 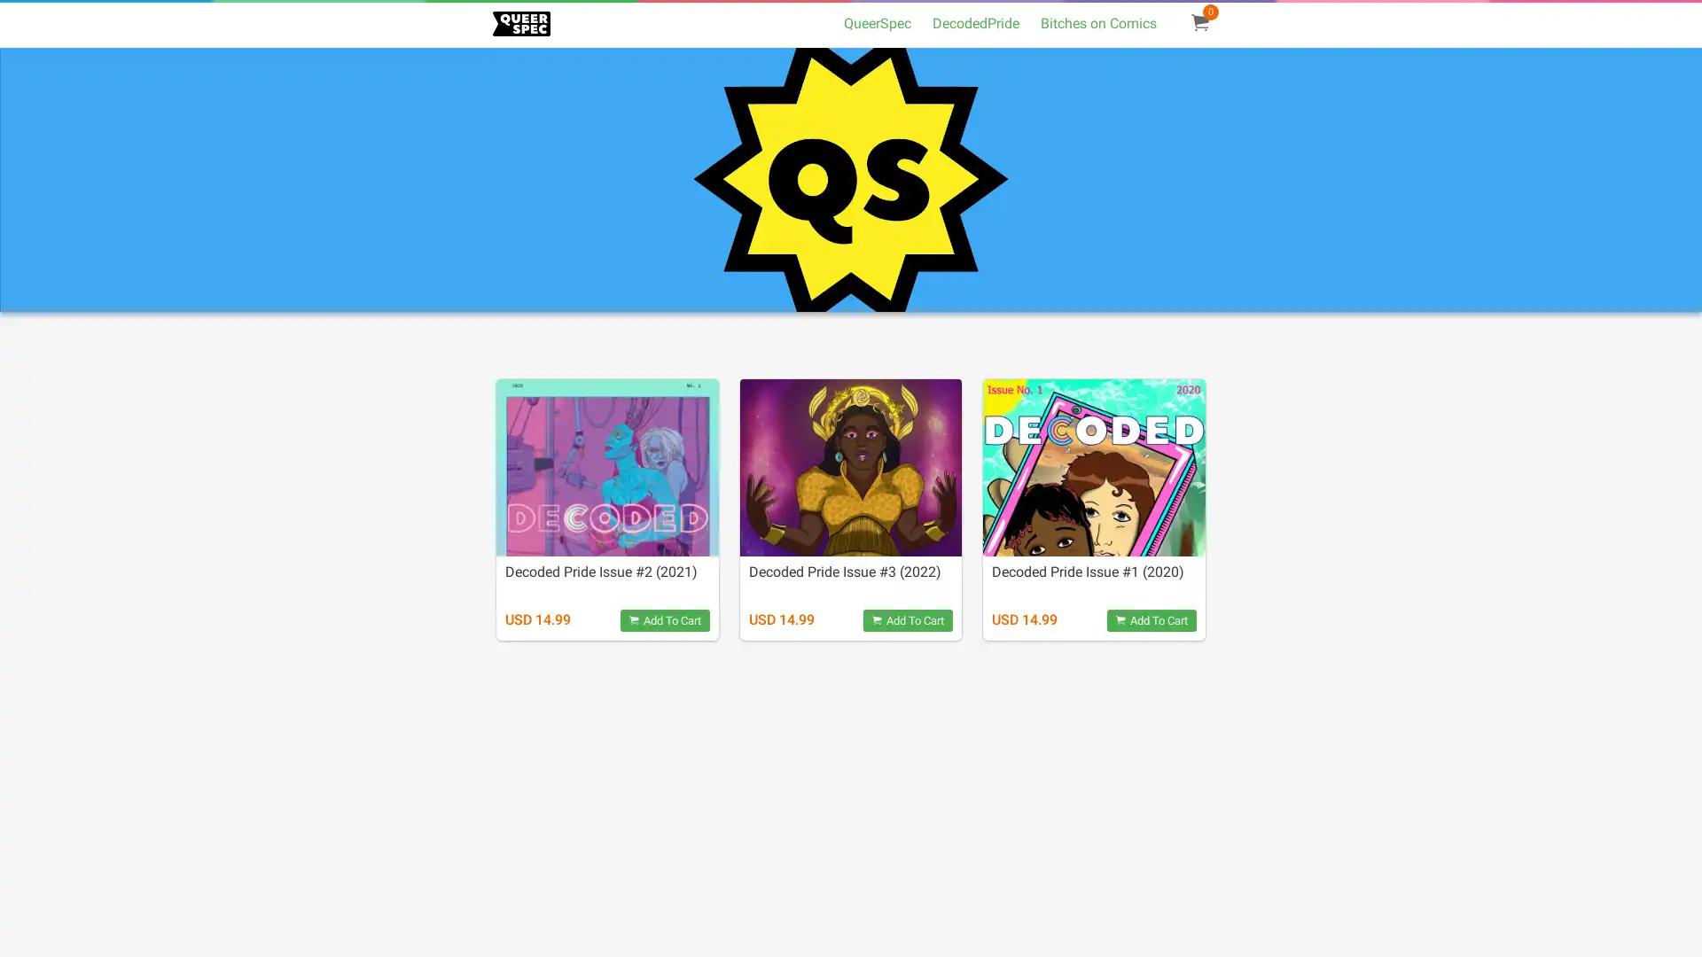 I want to click on Add To Cart, so click(x=663, y=619).